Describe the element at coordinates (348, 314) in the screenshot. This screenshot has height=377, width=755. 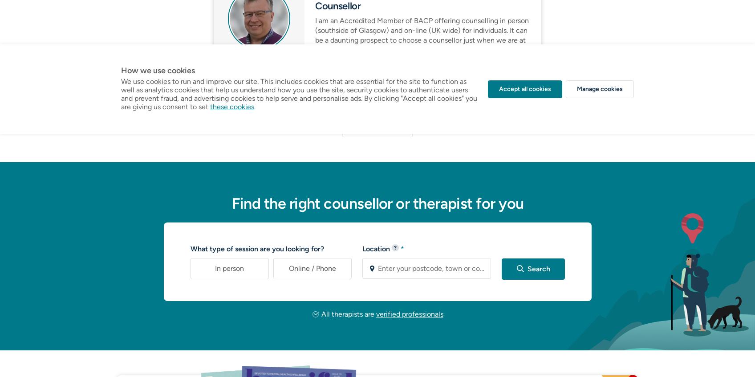
I see `'All therapists are'` at that location.